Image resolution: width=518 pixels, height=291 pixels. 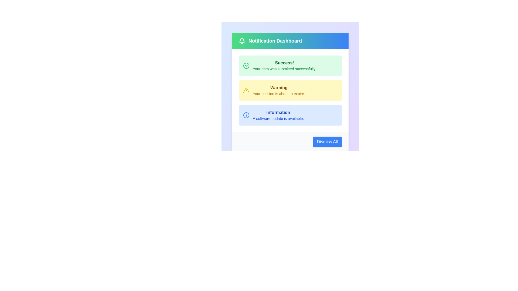 What do you see at coordinates (278, 118) in the screenshot?
I see `text notification labeled 'A software update is available.' displayed in blue text within the notification panel` at bounding box center [278, 118].